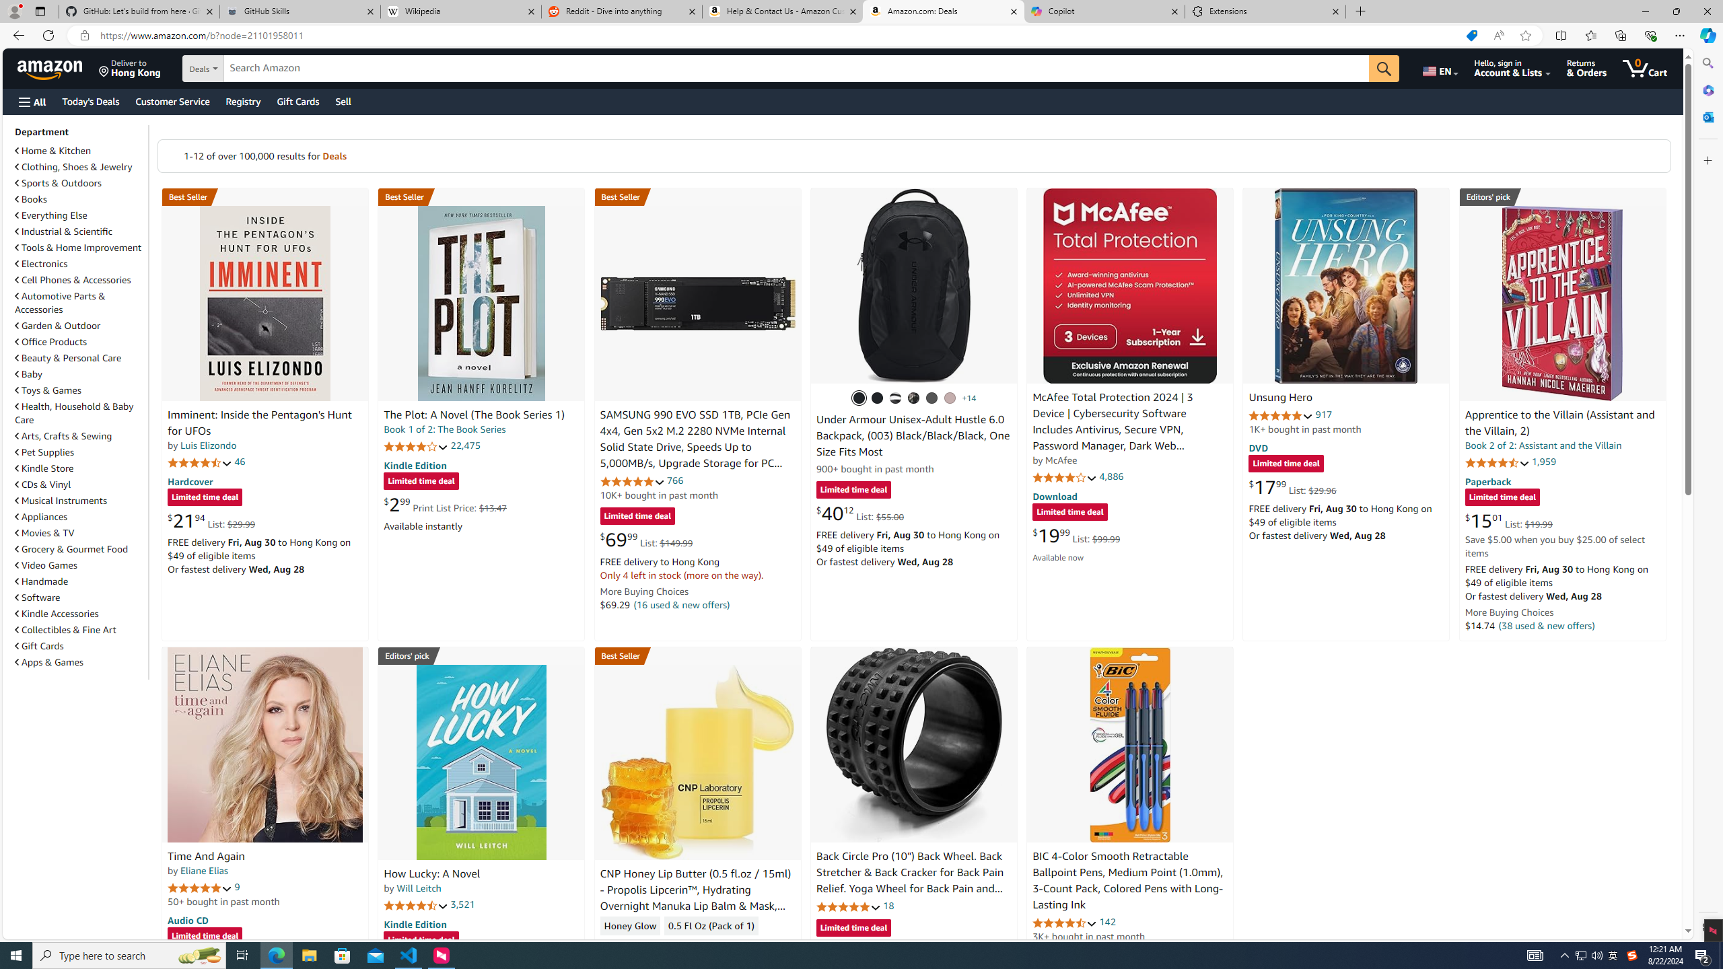 The image size is (1723, 969). What do you see at coordinates (43, 485) in the screenshot?
I see `'CDs & Vinyl'` at bounding box center [43, 485].